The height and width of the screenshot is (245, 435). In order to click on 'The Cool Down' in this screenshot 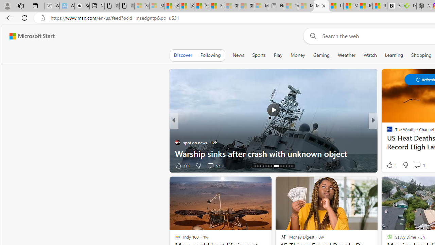, I will do `click(387, 132)`.